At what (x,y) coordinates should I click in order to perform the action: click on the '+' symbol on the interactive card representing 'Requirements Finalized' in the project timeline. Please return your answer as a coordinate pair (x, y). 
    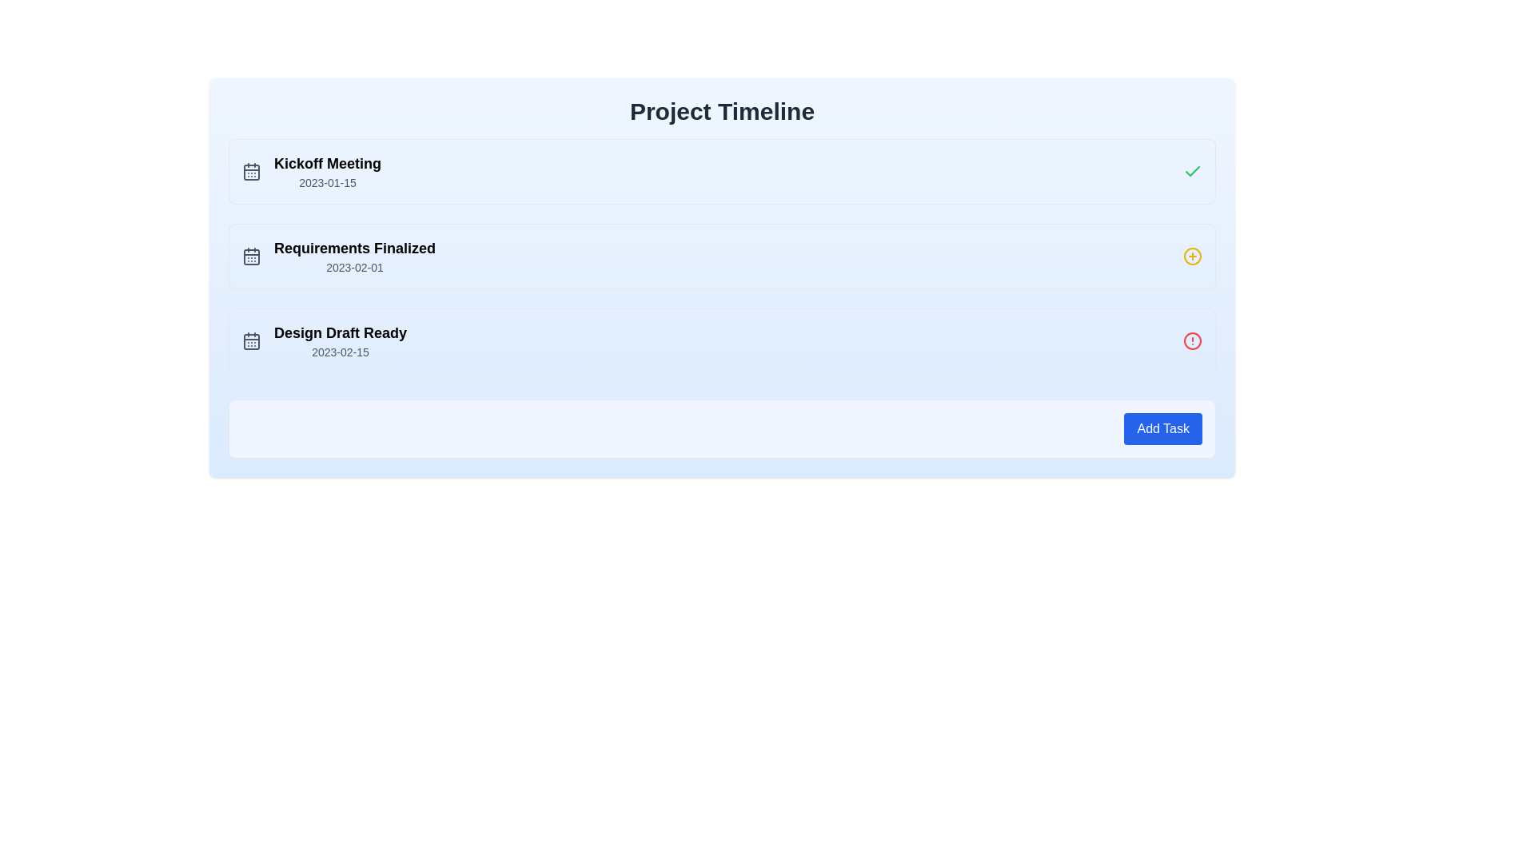
    Looking at the image, I should click on (721, 255).